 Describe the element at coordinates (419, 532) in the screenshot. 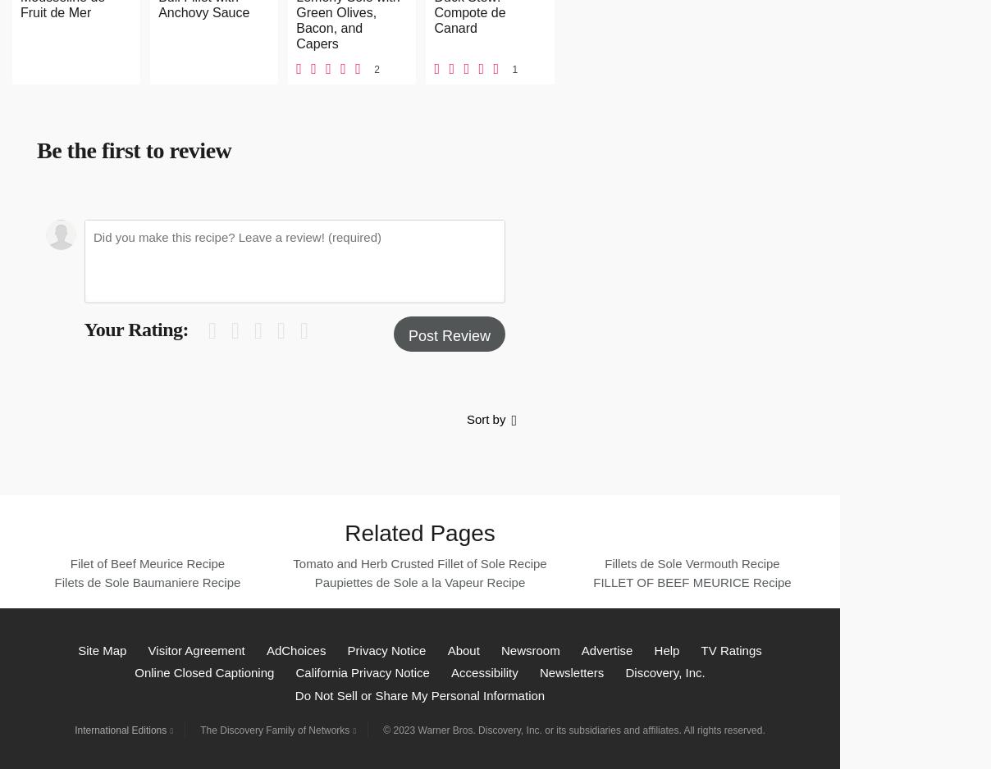

I see `'Related Pages'` at that location.